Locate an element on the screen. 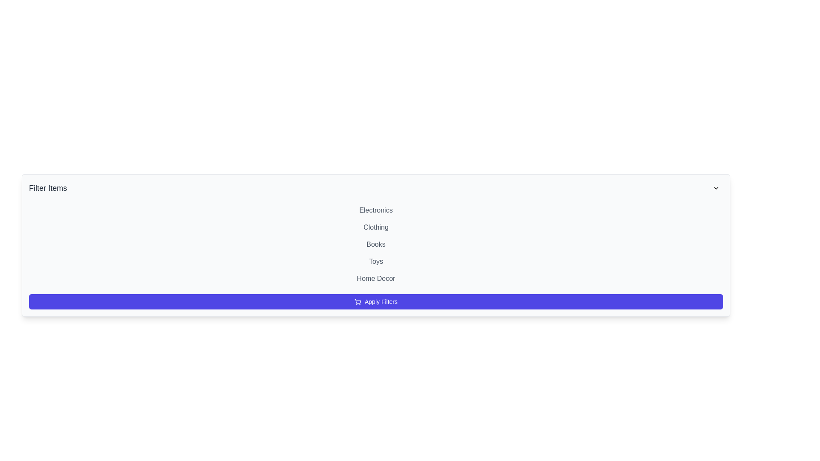  the 'Apply Filters' button, which is a rectangular button with a vibrant purple background and the text 'Apply Filters' in white, located at the bottom of the filter panel is located at coordinates (376, 301).